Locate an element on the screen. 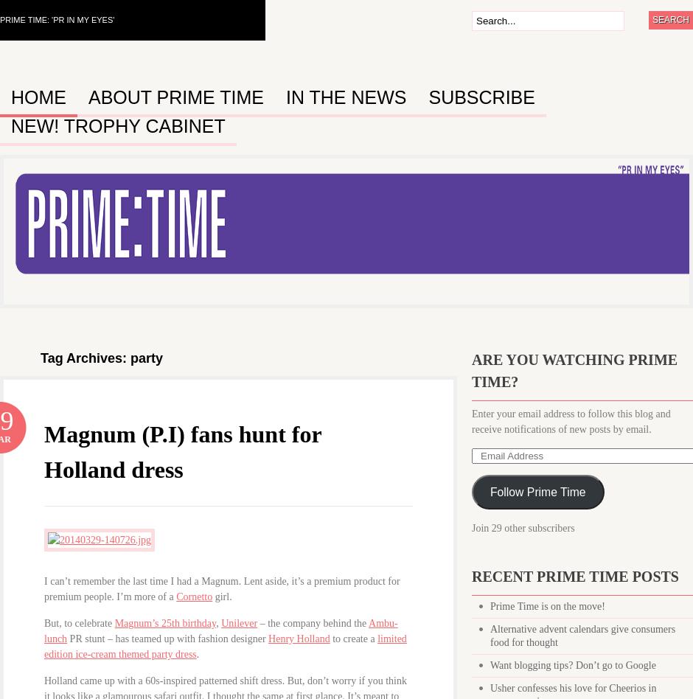 The width and height of the screenshot is (693, 699). 'Join 29 other subscribers' is located at coordinates (523, 528).